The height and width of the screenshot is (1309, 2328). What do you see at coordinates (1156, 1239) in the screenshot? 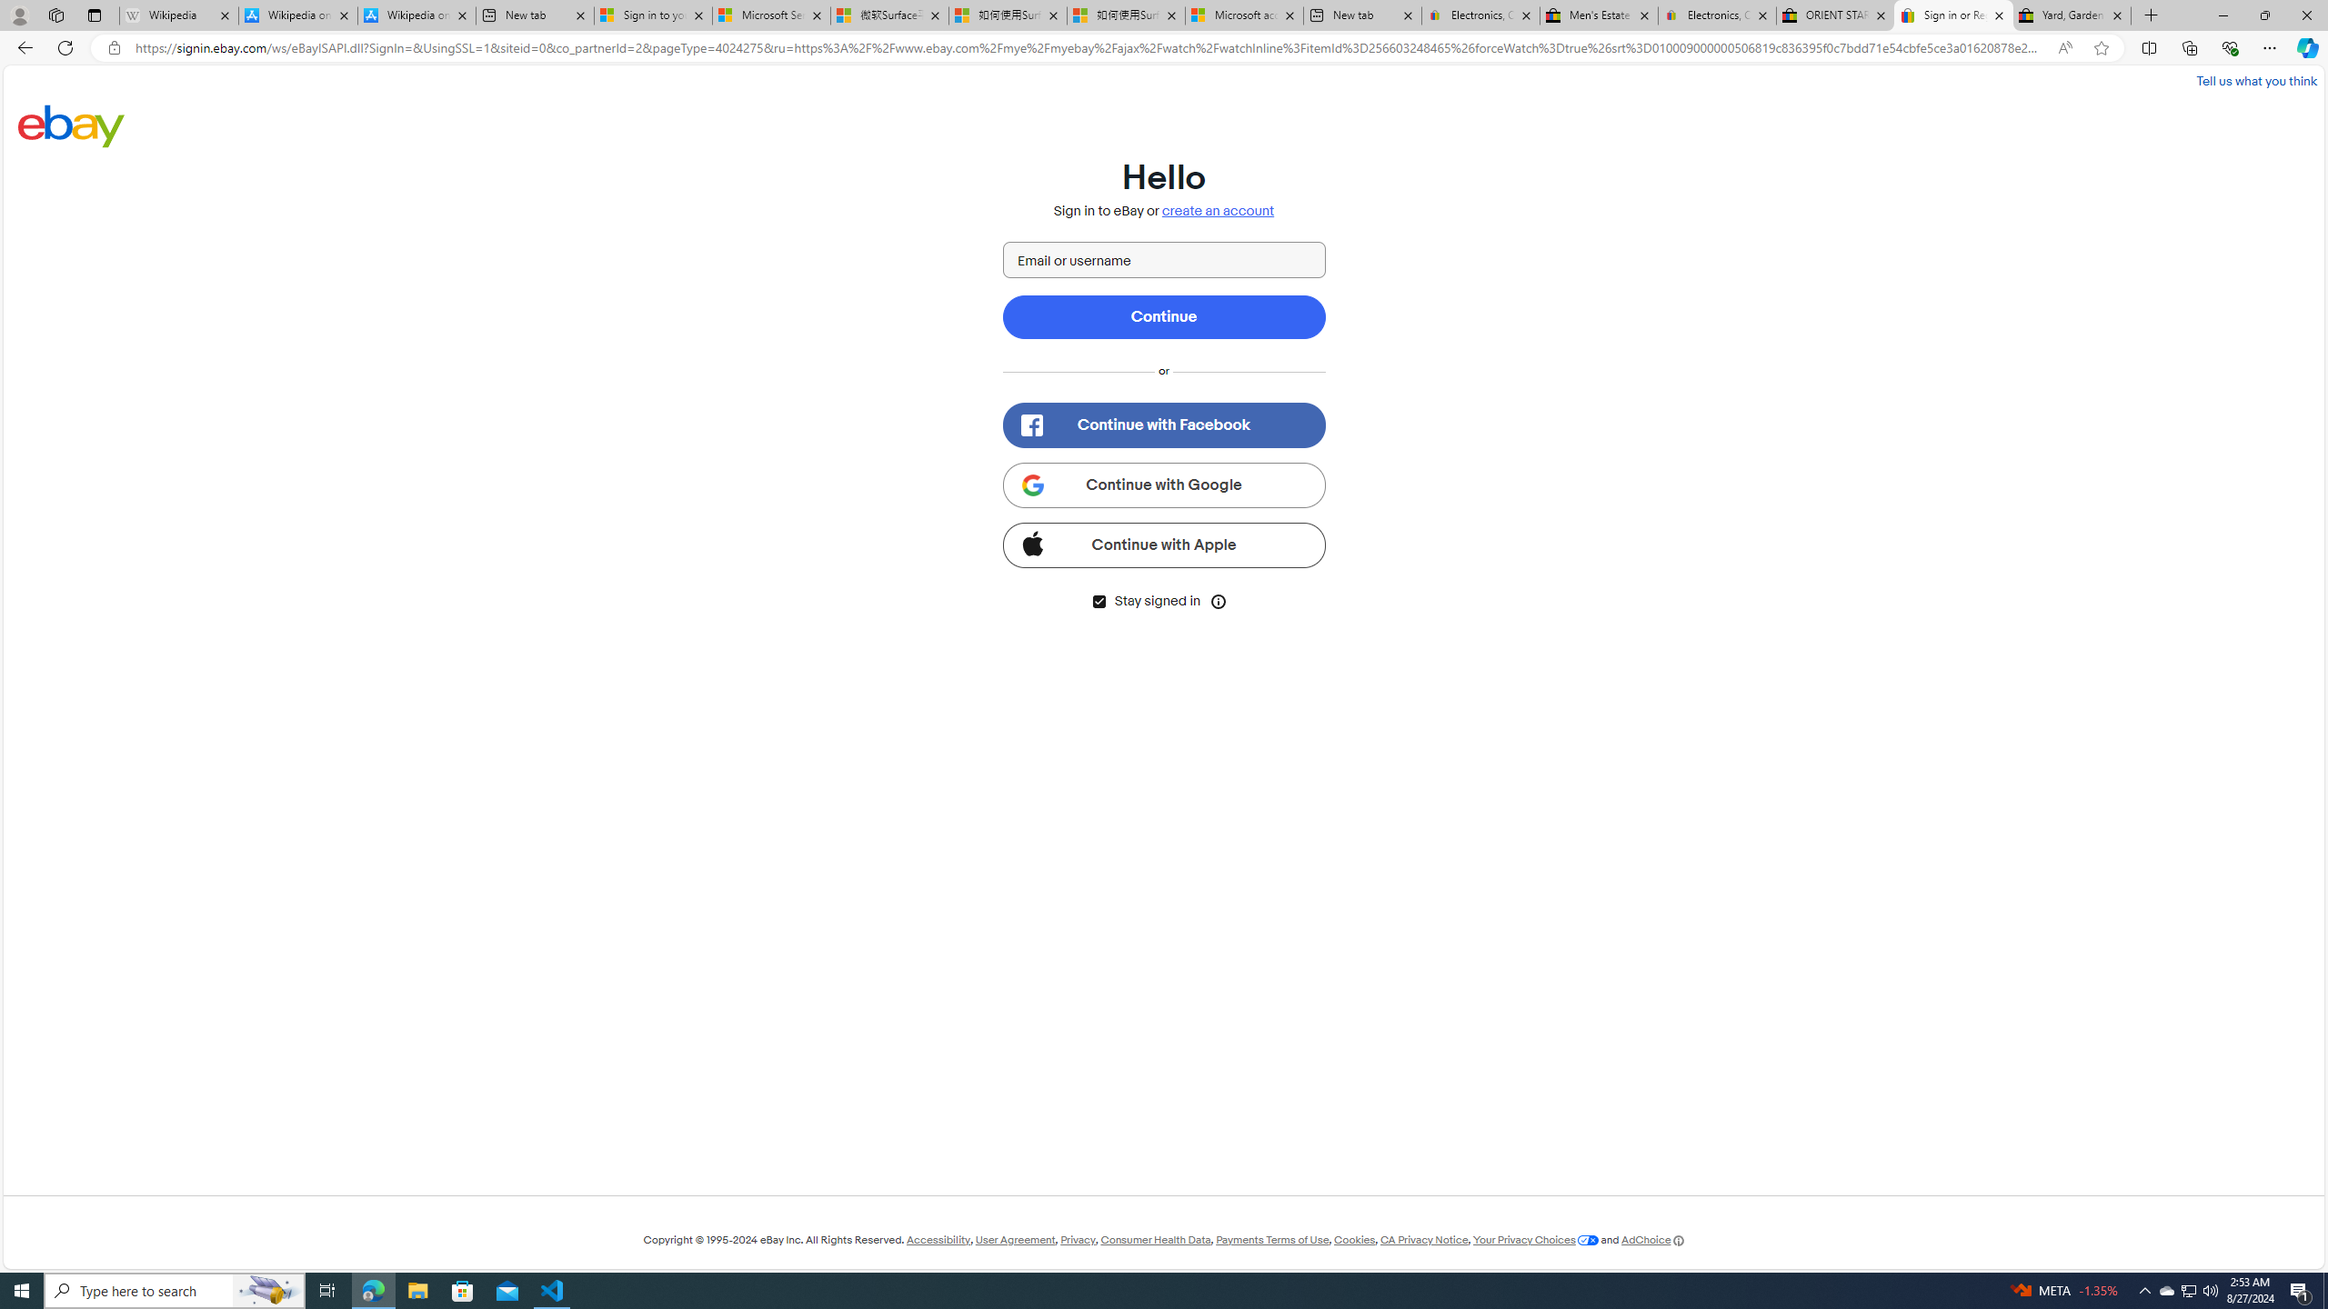
I see `'Consumer Health Data'` at bounding box center [1156, 1239].